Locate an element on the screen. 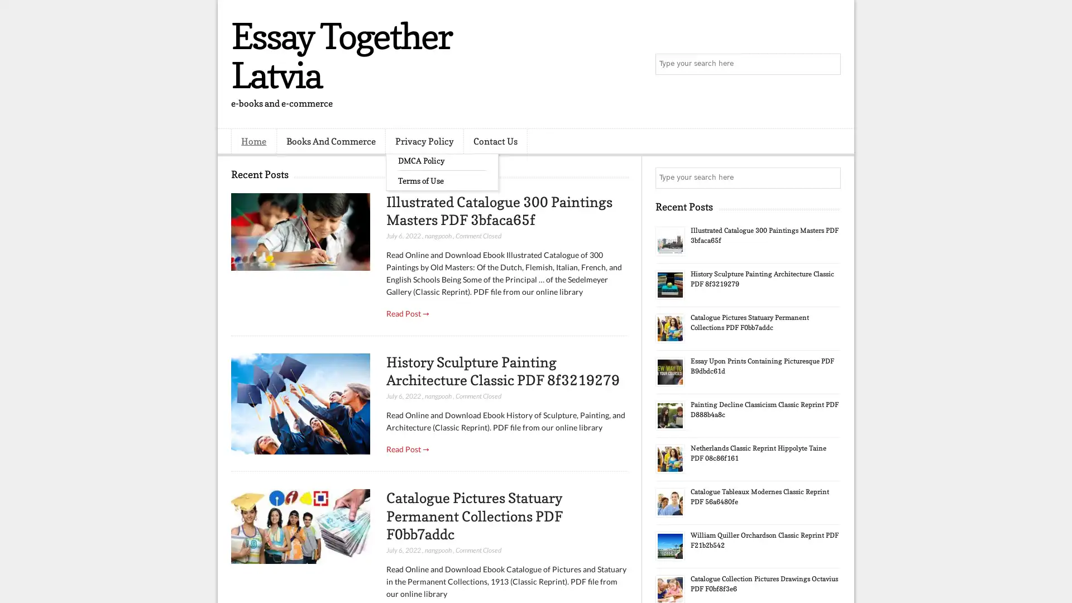 Image resolution: width=1072 pixels, height=603 pixels. Search is located at coordinates (829, 178).